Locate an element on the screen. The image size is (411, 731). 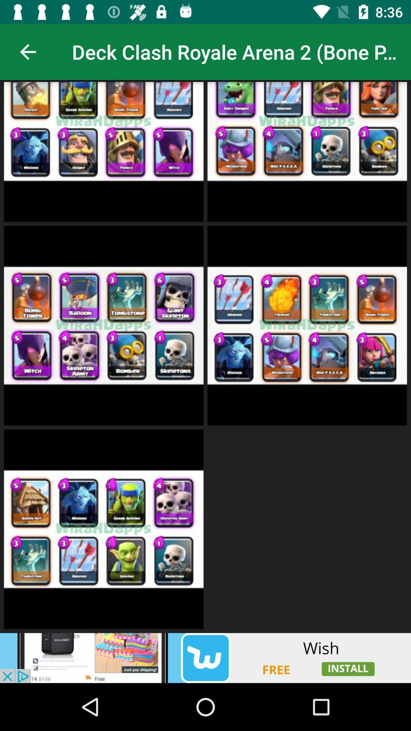
the second box in deck clash royale arena2 is located at coordinates (307, 151).